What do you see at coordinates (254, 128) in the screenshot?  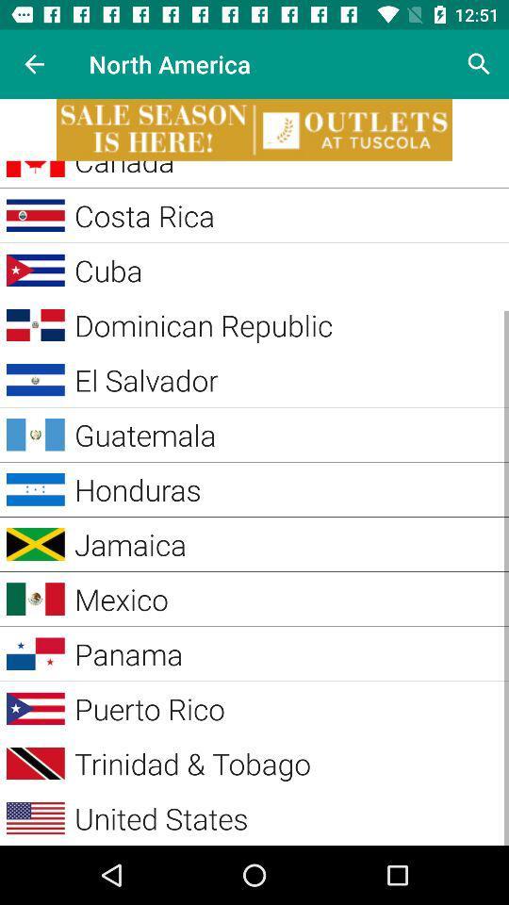 I see `adventisment` at bounding box center [254, 128].